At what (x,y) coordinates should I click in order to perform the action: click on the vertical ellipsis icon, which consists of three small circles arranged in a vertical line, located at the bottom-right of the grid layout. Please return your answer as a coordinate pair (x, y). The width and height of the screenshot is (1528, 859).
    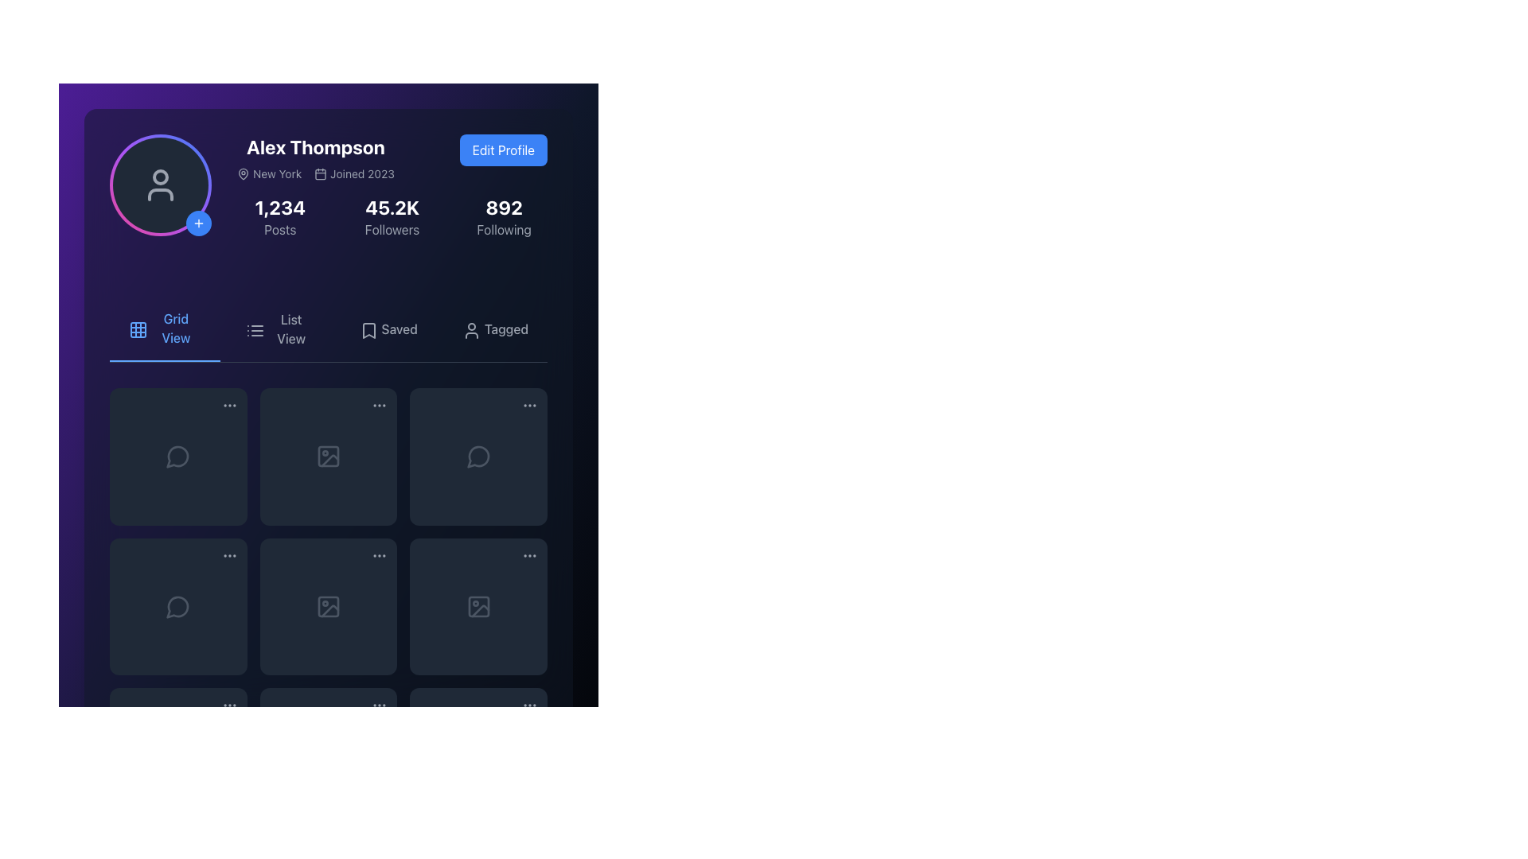
    Looking at the image, I should click on (530, 705).